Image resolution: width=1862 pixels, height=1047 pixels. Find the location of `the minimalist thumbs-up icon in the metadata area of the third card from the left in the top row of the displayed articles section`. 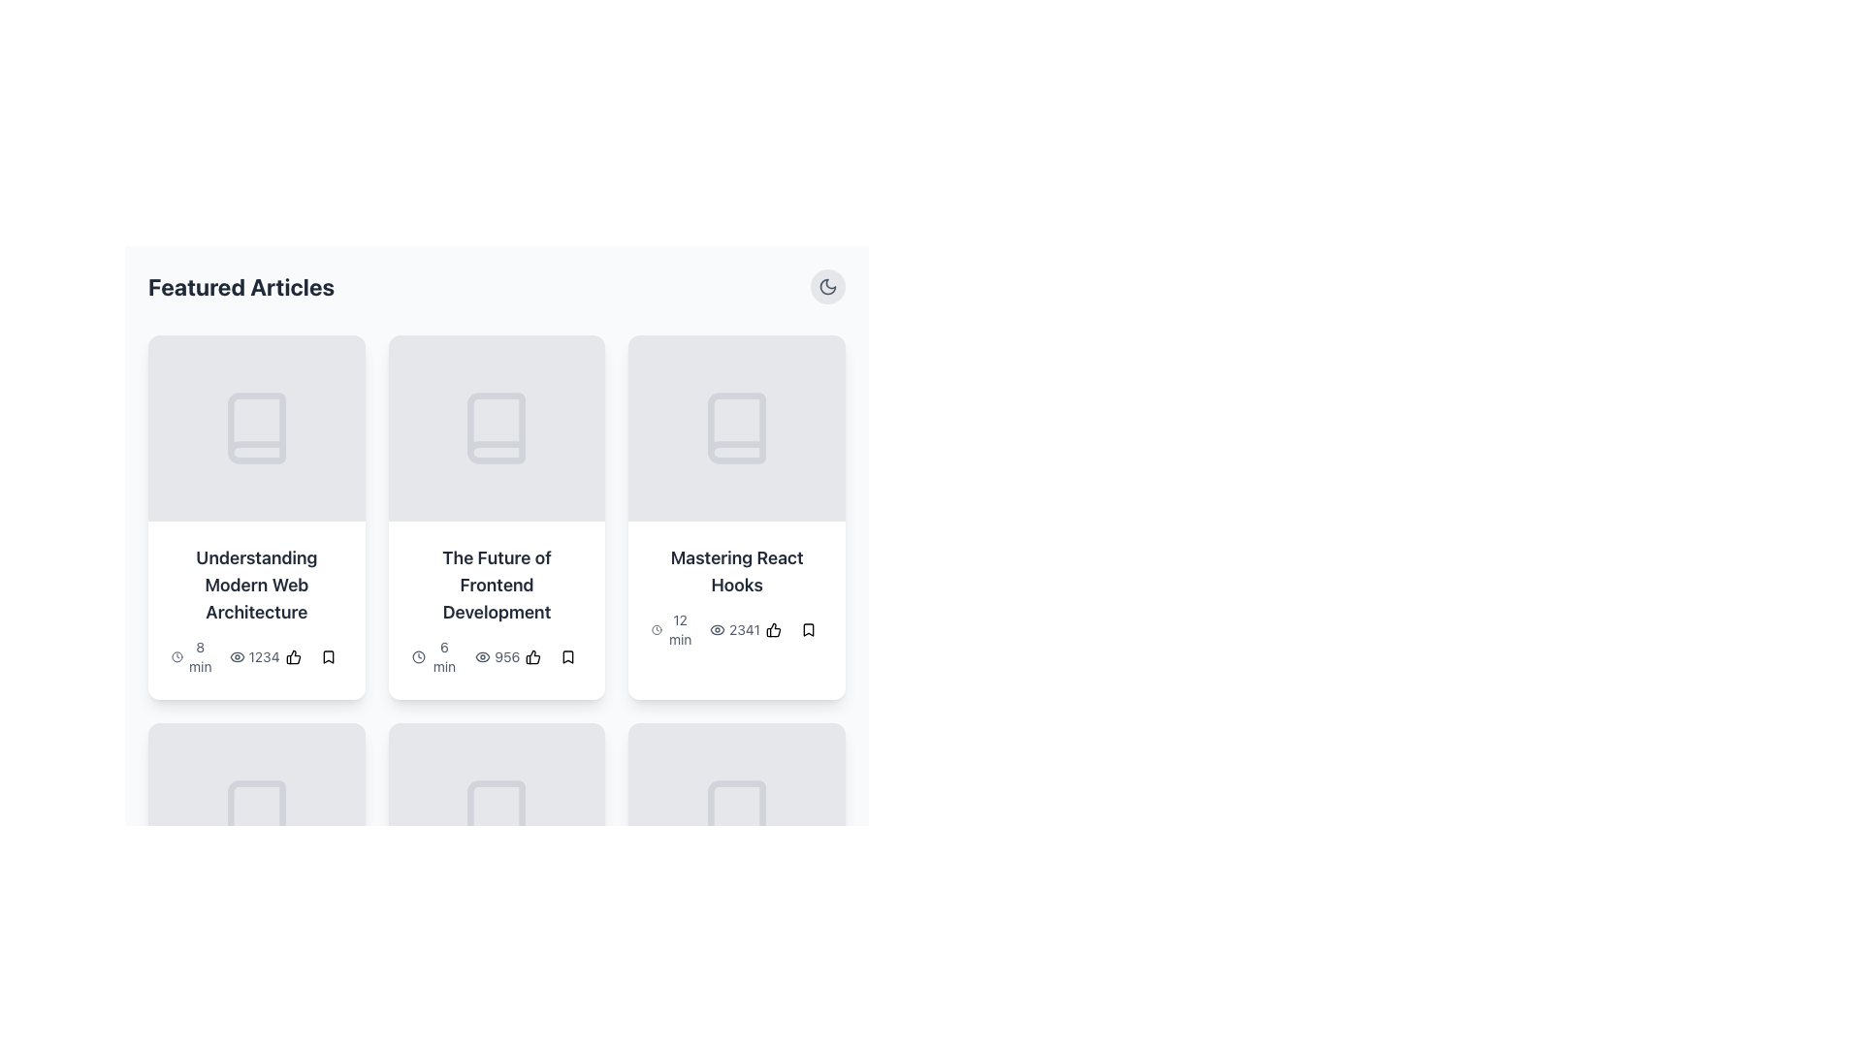

the minimalist thumbs-up icon in the metadata area of the third card from the left in the top row of the displayed articles section is located at coordinates (292, 656).